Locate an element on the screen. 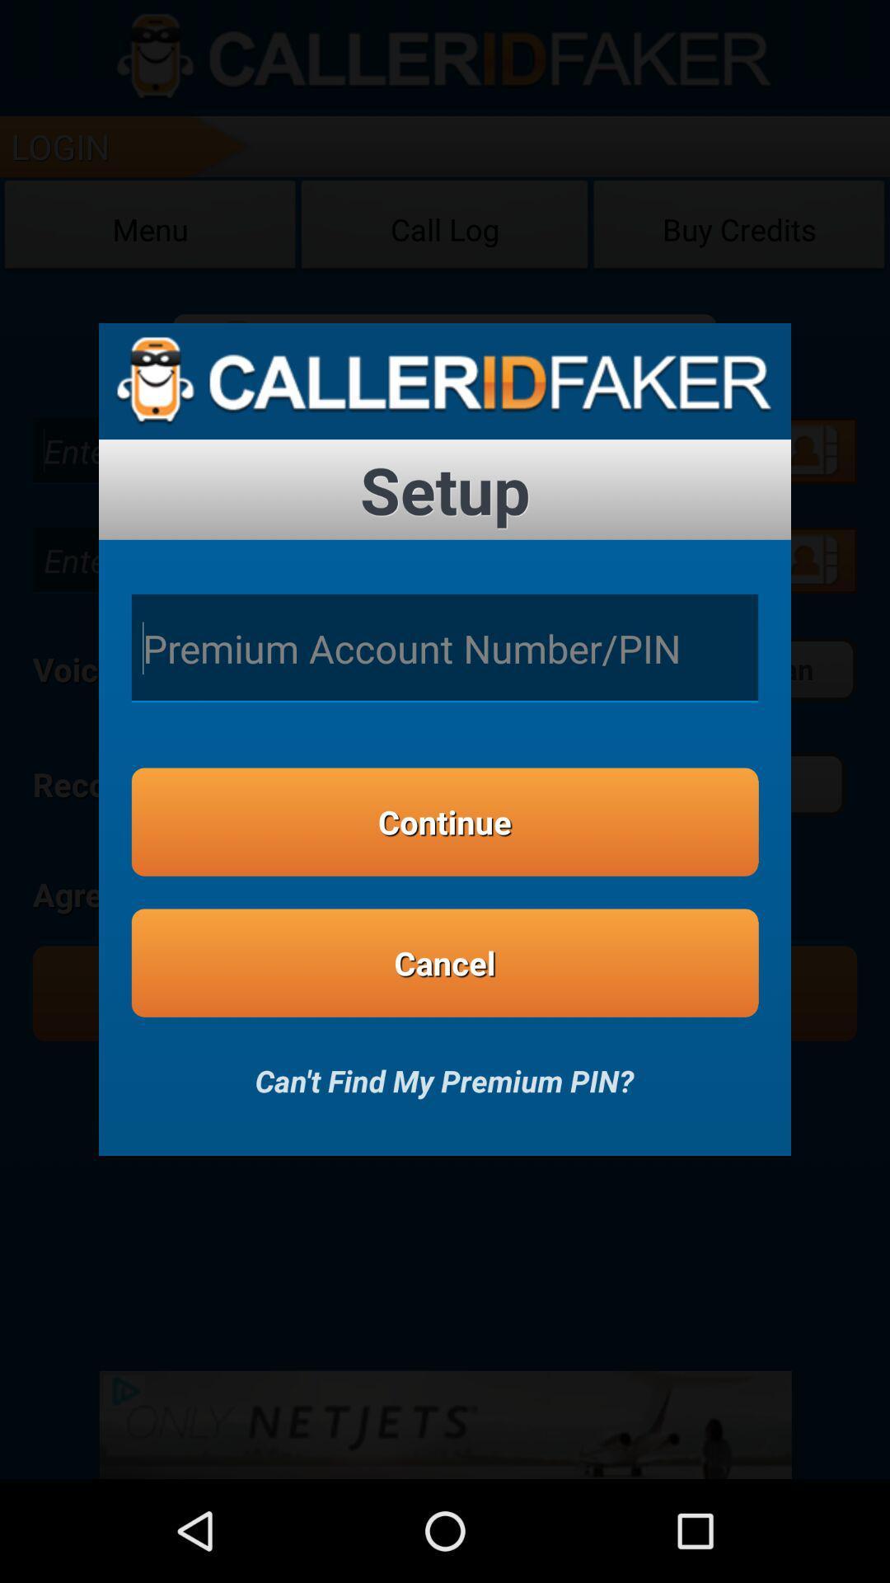 This screenshot has width=890, height=1583. continue icon is located at coordinates (445, 822).